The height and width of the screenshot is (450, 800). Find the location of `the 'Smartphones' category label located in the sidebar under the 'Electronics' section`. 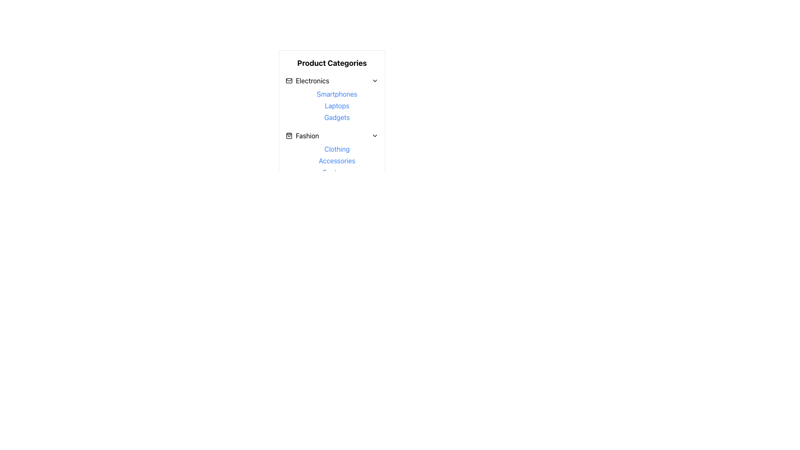

the 'Smartphones' category label located in the sidebar under the 'Electronics' section is located at coordinates (337, 94).